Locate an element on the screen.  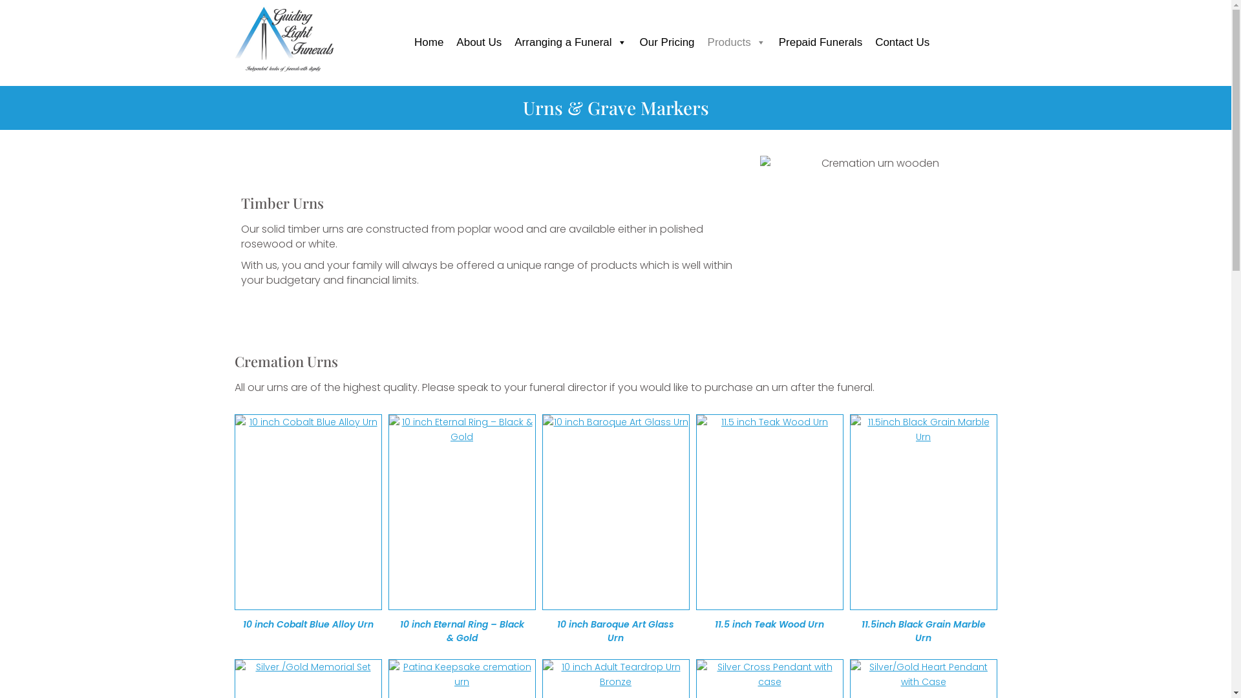
'Products' is located at coordinates (737, 41).